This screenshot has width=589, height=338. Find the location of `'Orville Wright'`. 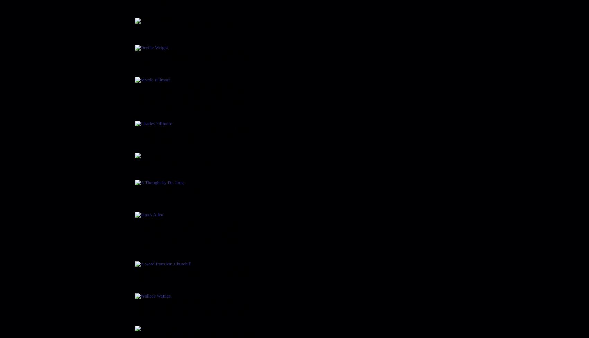

'Orville Wright' is located at coordinates (156, 39).